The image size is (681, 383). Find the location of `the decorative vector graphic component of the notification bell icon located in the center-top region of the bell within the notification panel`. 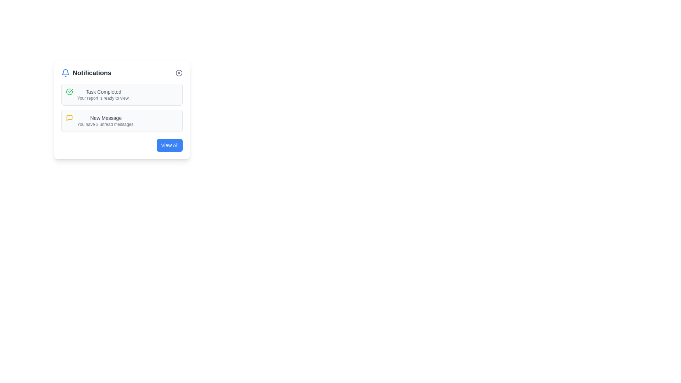

the decorative vector graphic component of the notification bell icon located in the center-top region of the bell within the notification panel is located at coordinates (66, 72).